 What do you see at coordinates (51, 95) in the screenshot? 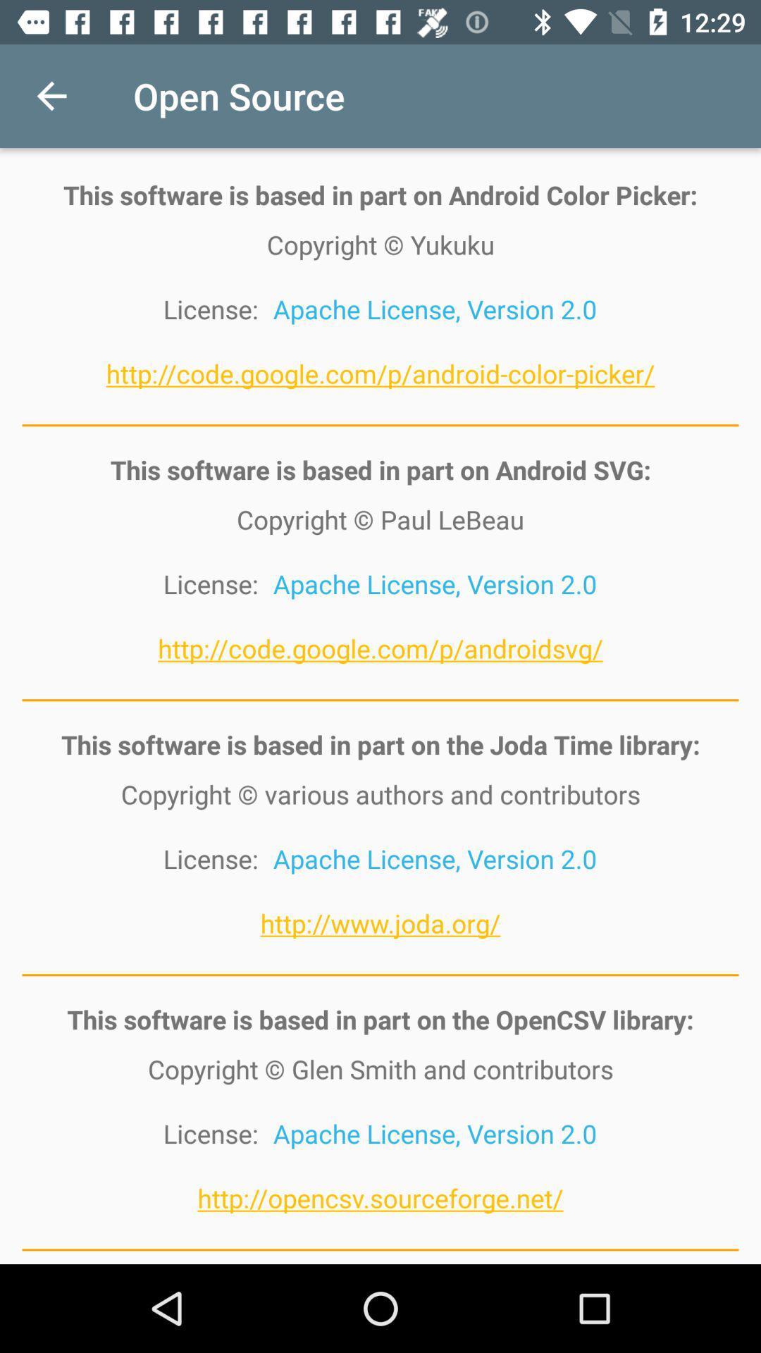
I see `the icon next to open source` at bounding box center [51, 95].